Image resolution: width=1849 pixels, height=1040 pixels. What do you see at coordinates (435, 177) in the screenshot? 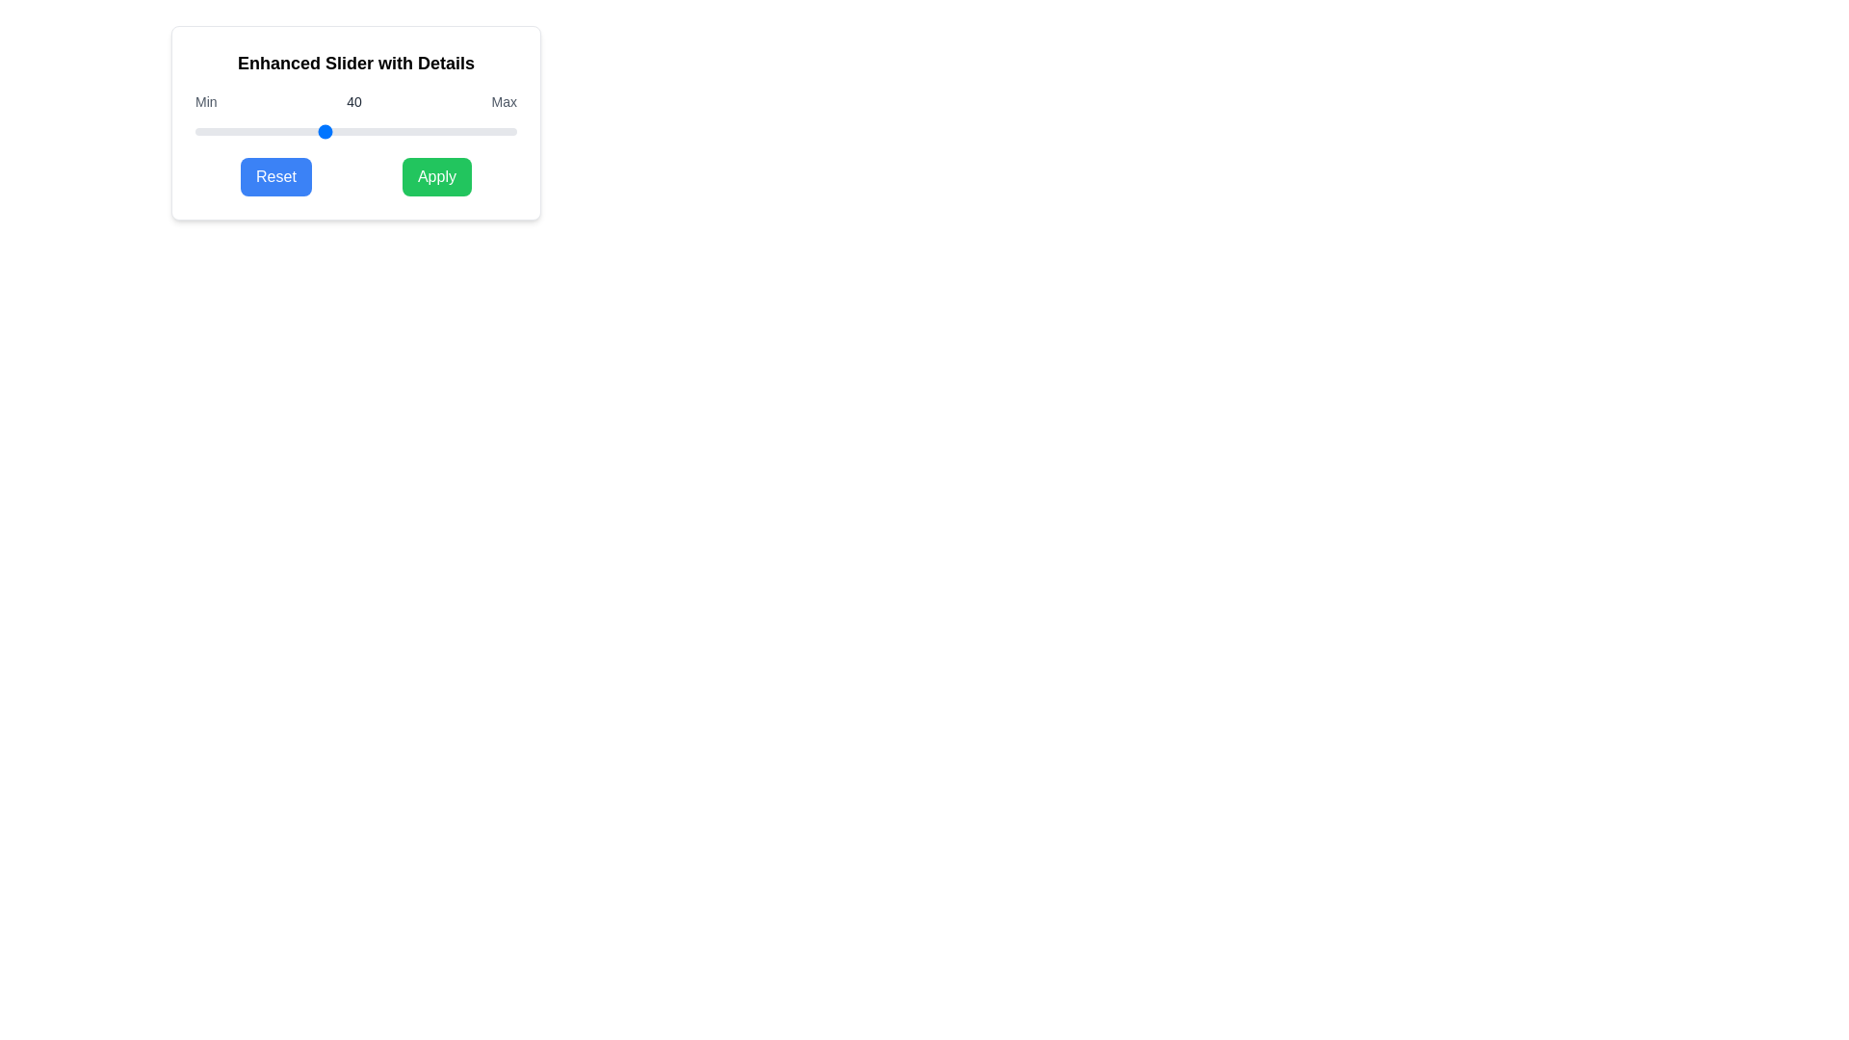
I see `the green 'Apply' button with rounded corners to observe any hover effects` at bounding box center [435, 177].